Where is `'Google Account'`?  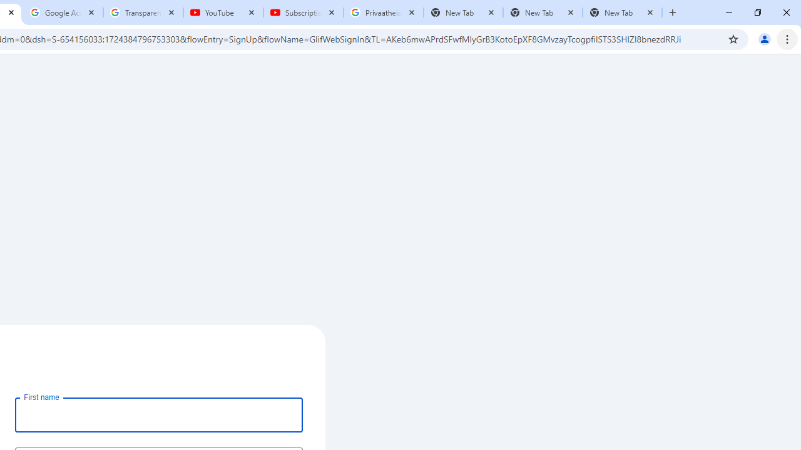
'Google Account' is located at coordinates (63, 12).